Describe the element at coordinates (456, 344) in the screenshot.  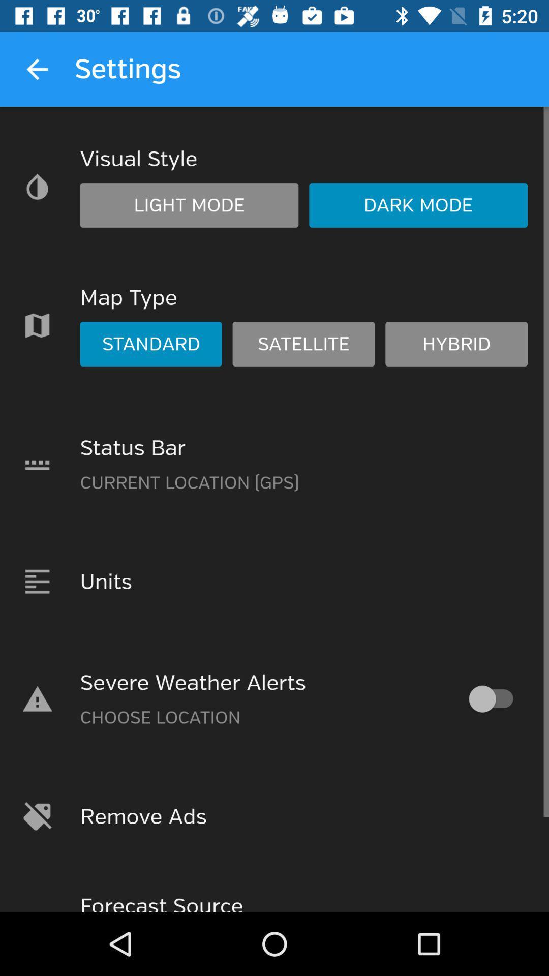
I see `hybrid in map type` at that location.